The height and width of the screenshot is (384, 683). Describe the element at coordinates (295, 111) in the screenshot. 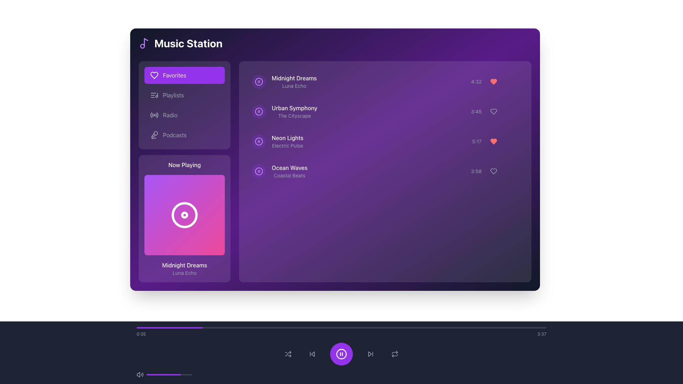

I see `the text label group displaying 'Urban Symphony' and 'The Cityscape' to play the associated song` at that location.